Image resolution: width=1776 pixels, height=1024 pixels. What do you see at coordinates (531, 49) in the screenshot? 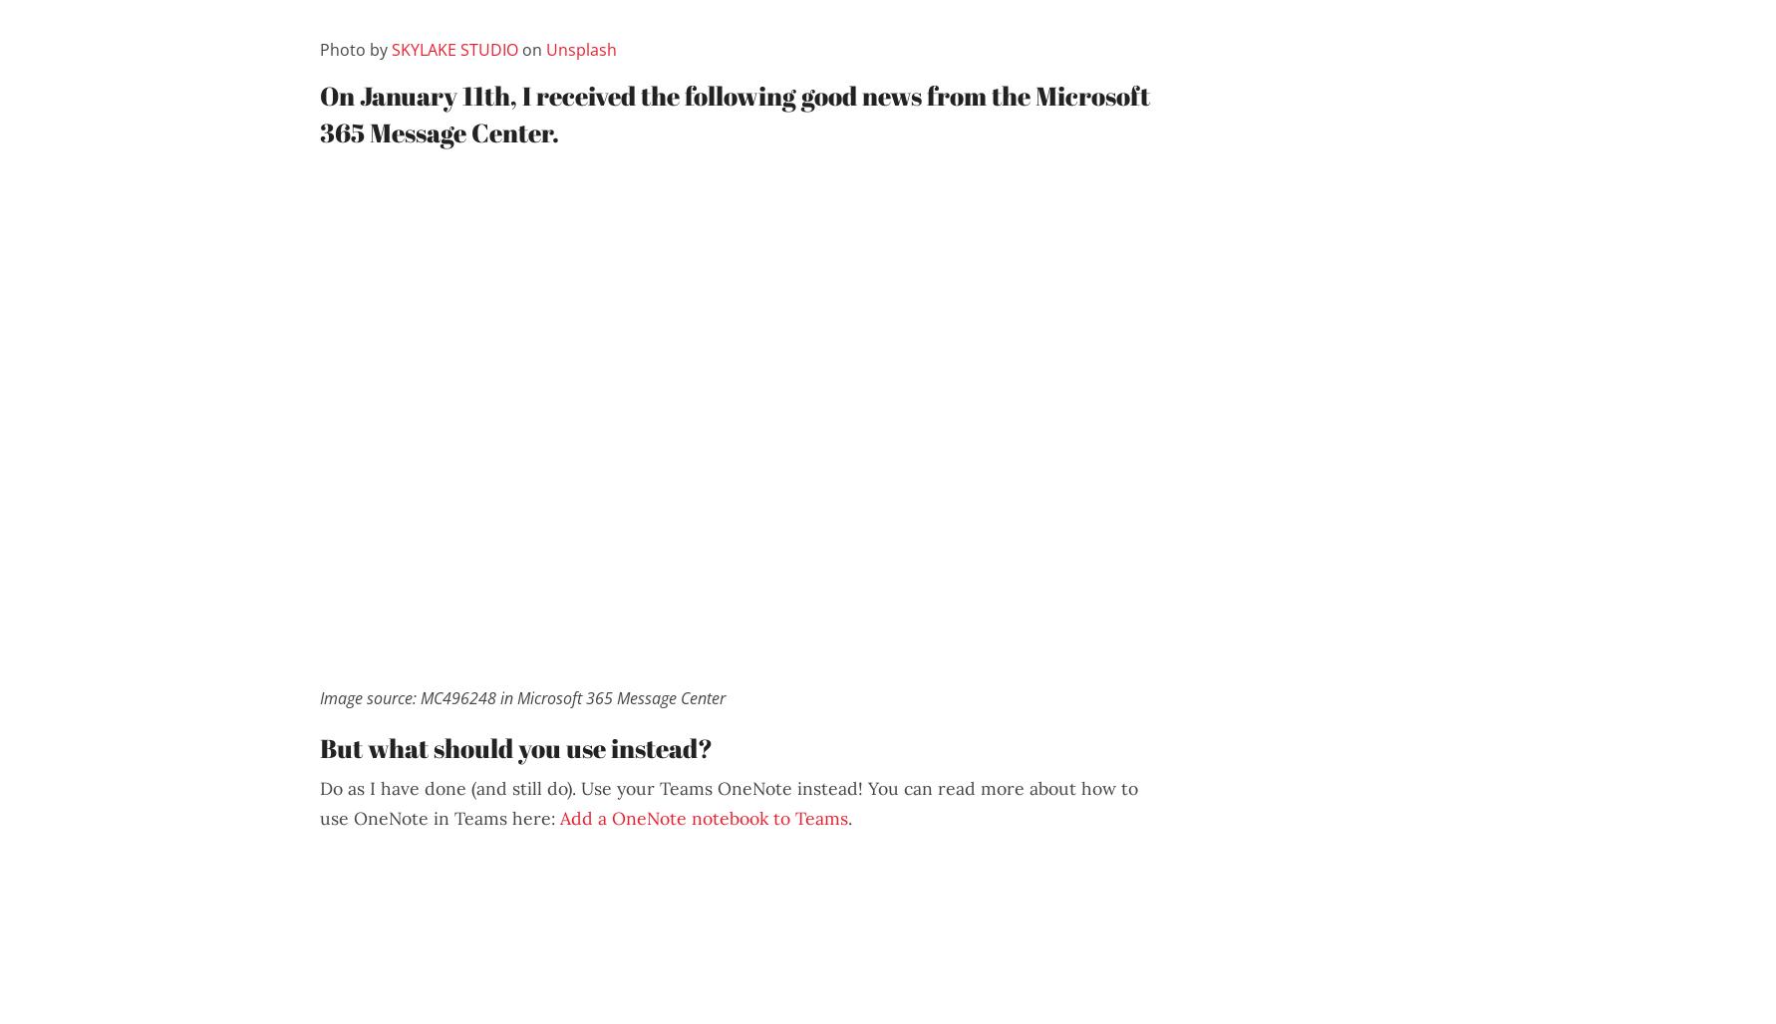
I see `'on'` at bounding box center [531, 49].